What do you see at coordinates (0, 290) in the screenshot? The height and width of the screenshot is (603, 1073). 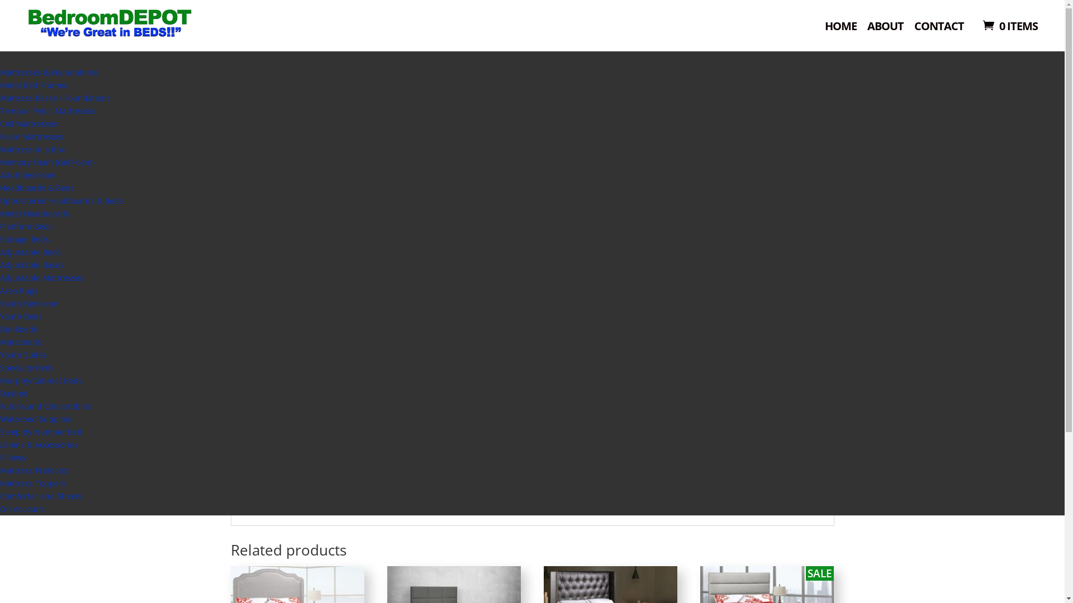 I see `'Area Rugs'` at bounding box center [0, 290].